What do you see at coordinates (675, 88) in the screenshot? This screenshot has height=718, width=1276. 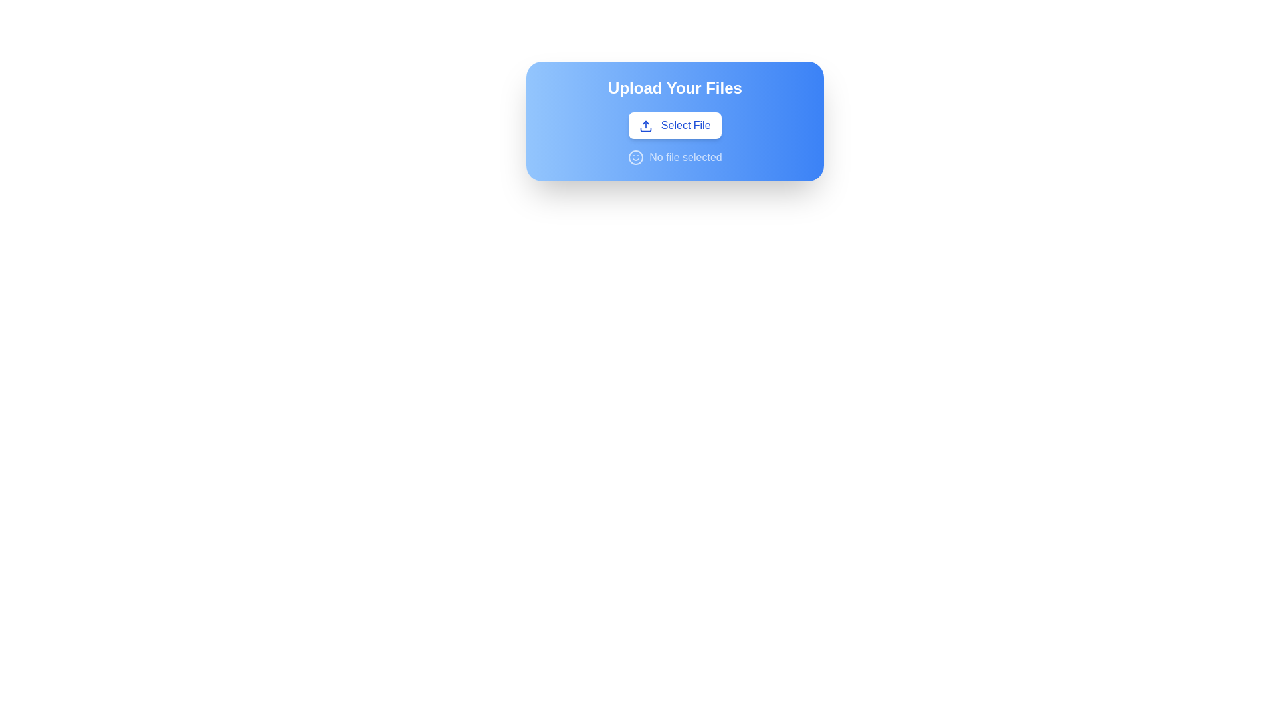 I see `text from the Header/Title element displaying 'Upload Your Files', which is styled in bold and extra-large font against a gradient blue background` at bounding box center [675, 88].